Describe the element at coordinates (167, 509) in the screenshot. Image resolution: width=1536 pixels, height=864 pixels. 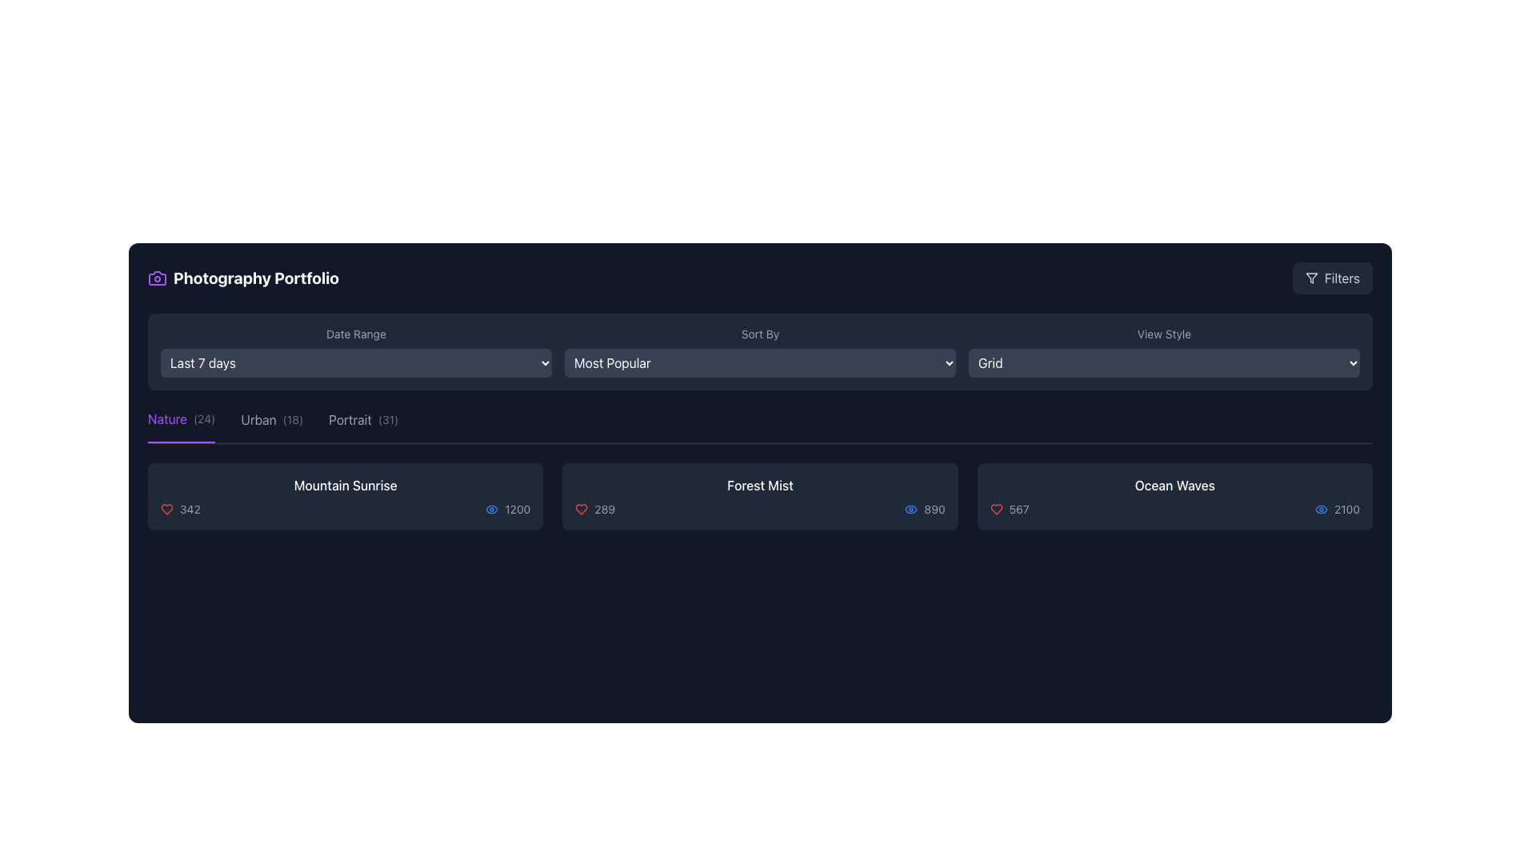
I see `the heart icon located to the left of the number '342' in the first content card titled 'Mountain Sunrise' in the 'Nature' category to mark it as liked or unliked` at that location.